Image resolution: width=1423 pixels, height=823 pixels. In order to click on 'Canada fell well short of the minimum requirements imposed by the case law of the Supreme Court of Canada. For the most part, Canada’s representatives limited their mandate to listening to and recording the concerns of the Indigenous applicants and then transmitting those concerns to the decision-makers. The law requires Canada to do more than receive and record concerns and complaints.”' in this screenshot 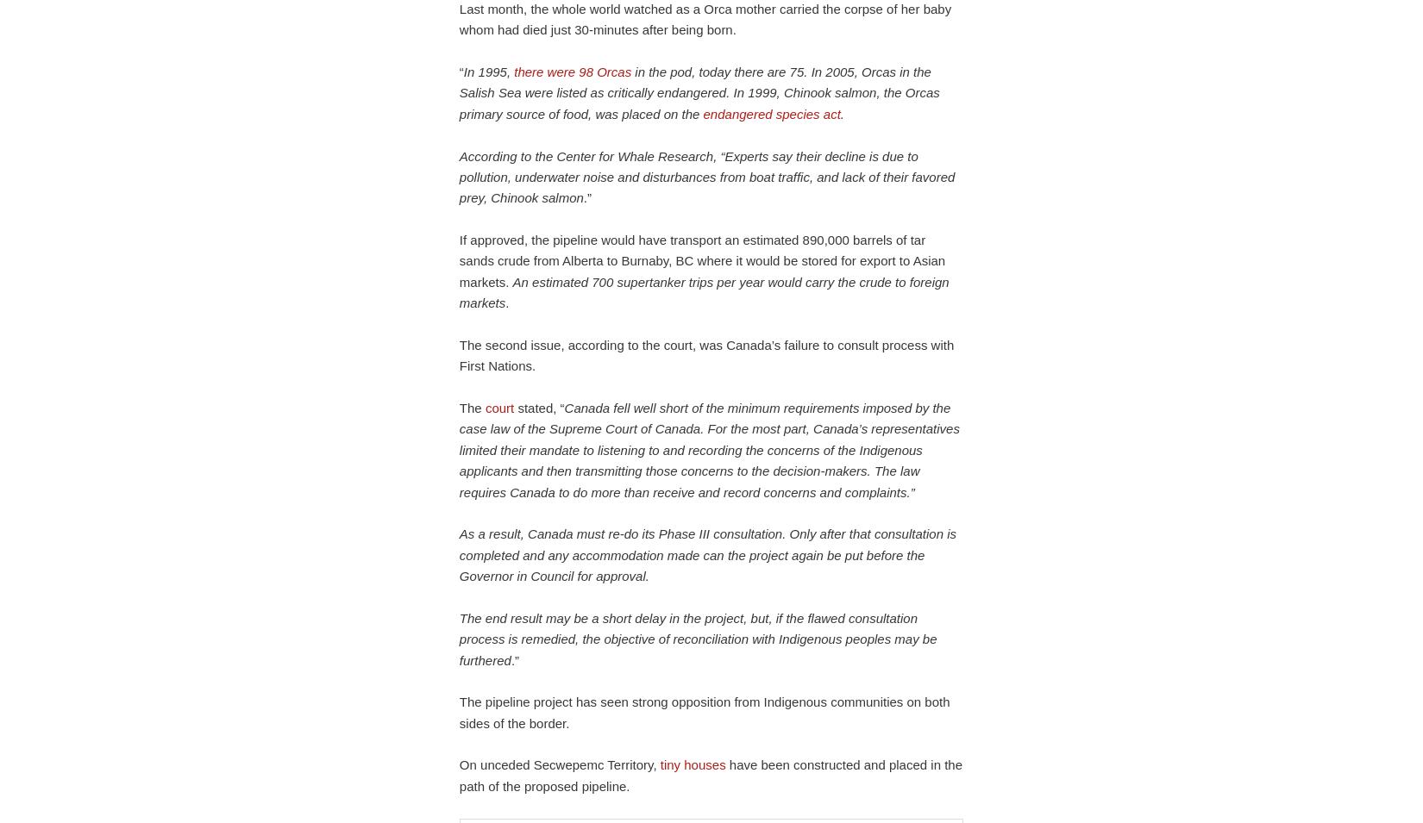, I will do `click(708, 450)`.